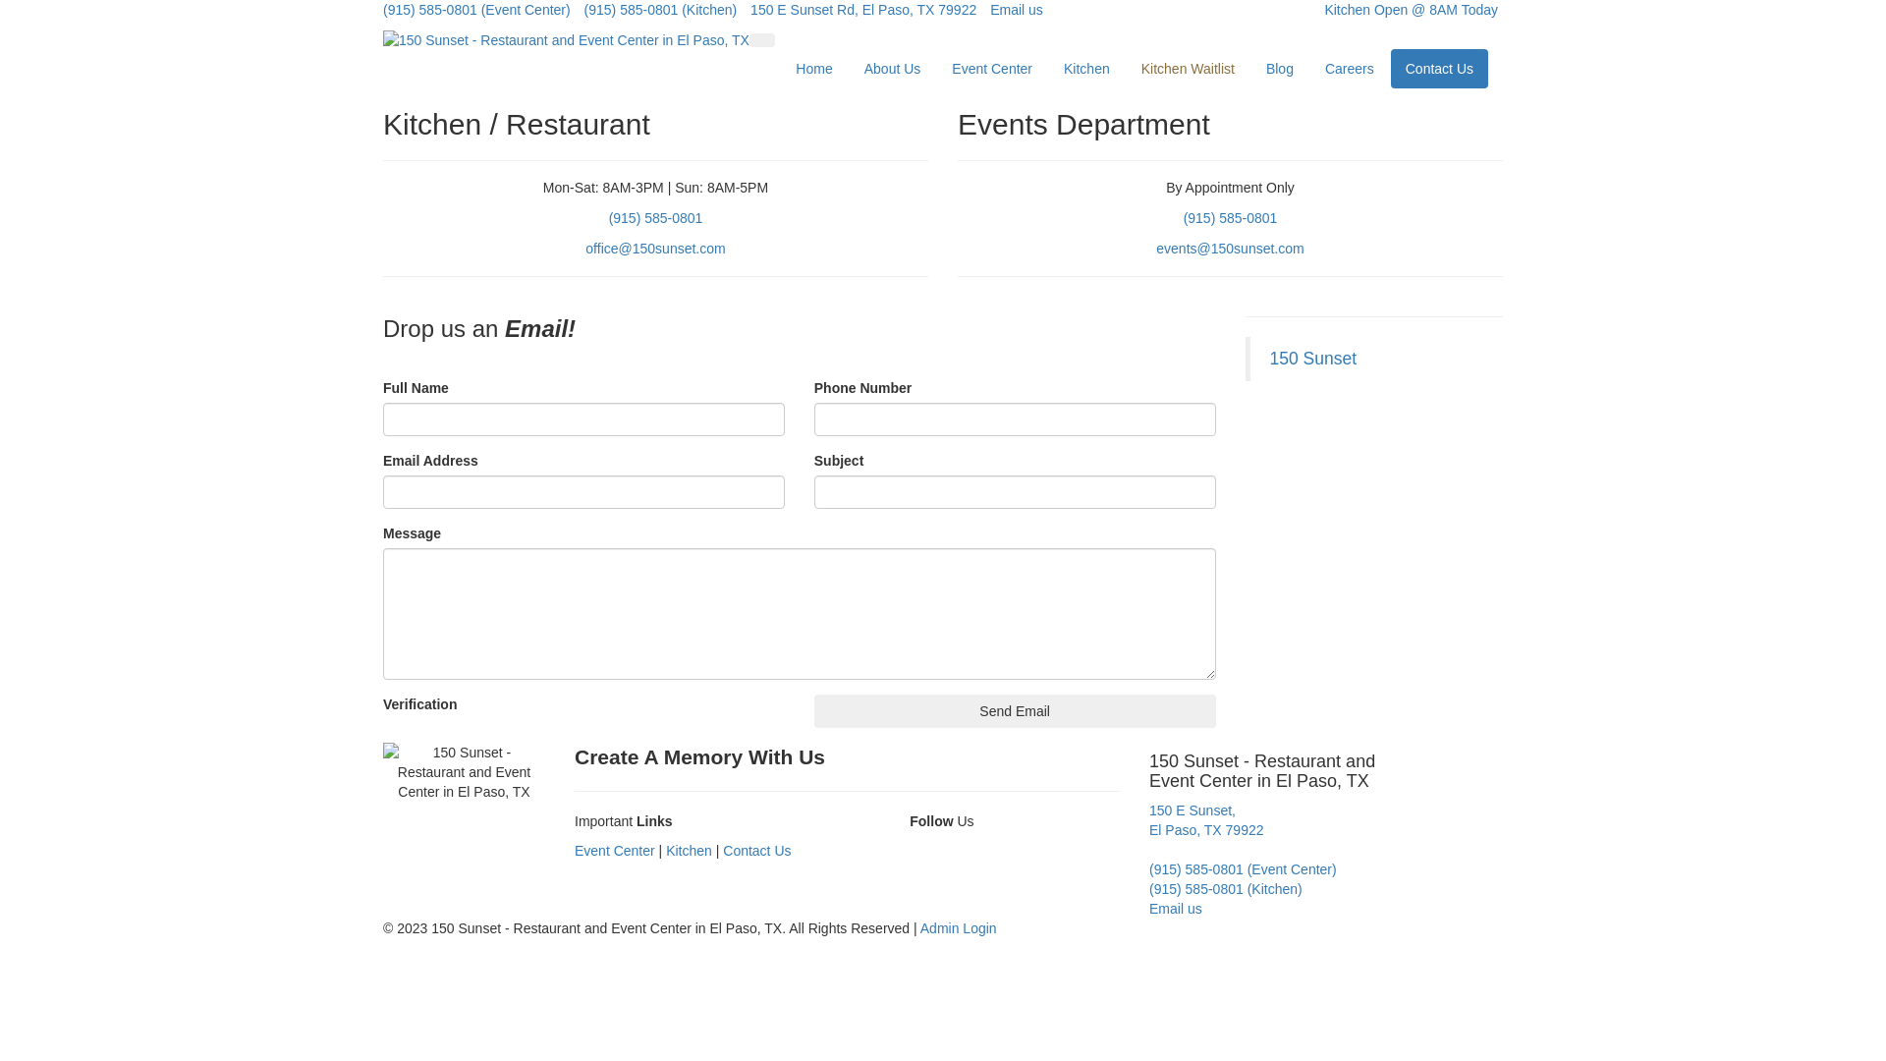  What do you see at coordinates (655, 248) in the screenshot?
I see `'office@150sunset.com'` at bounding box center [655, 248].